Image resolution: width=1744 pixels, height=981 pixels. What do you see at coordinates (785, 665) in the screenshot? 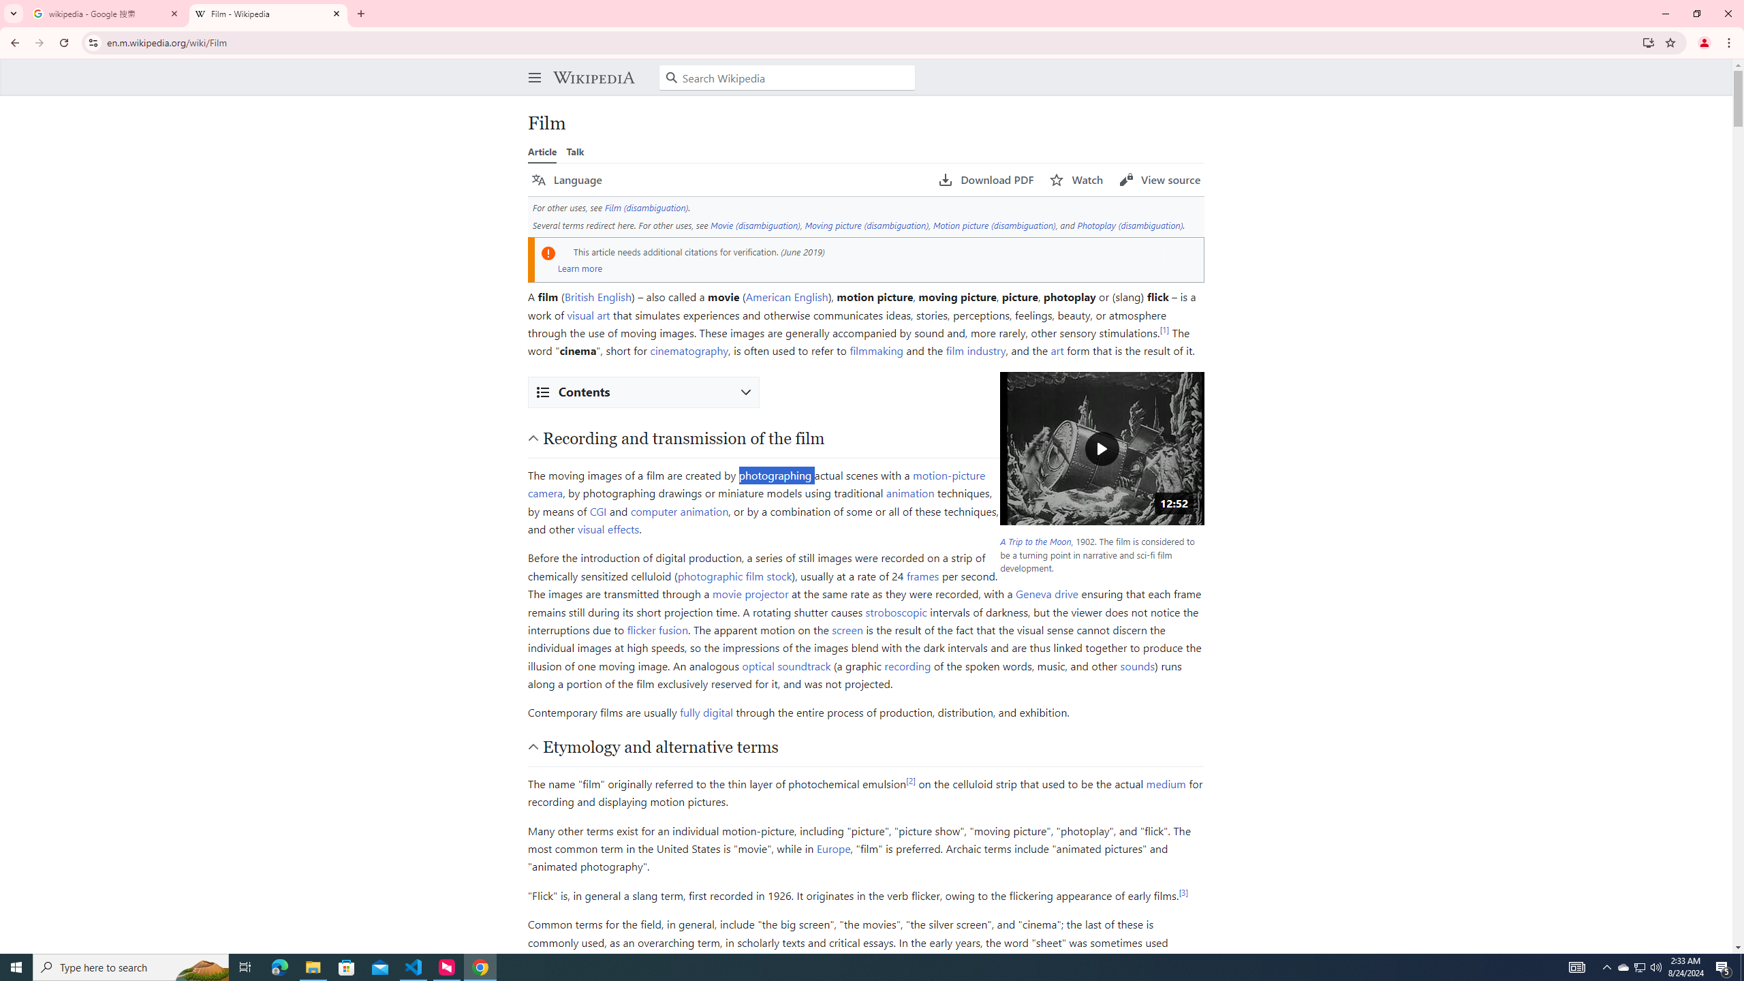
I see `'optical soundtrack'` at bounding box center [785, 665].